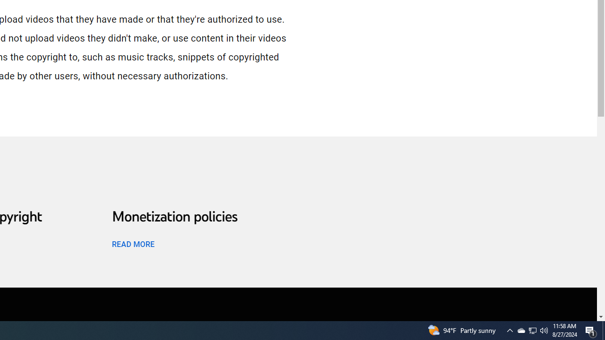 This screenshot has width=605, height=340. I want to click on 'READ MORE', so click(132, 243).